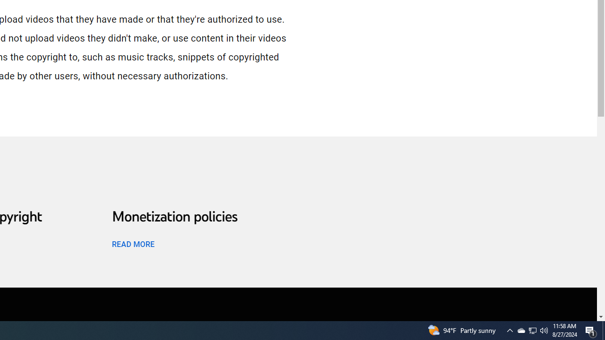 This screenshot has width=605, height=340. I want to click on 'READ MORE', so click(132, 243).